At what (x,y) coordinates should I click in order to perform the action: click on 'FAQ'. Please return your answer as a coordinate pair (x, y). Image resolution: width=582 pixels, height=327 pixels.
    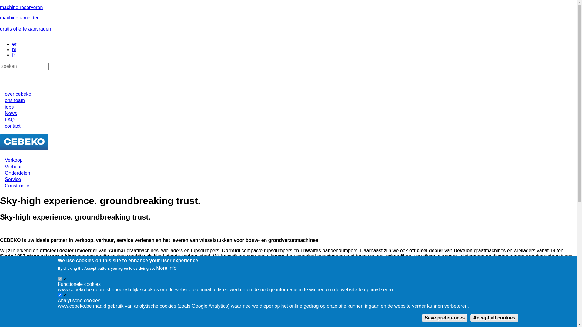
    Looking at the image, I should click on (10, 120).